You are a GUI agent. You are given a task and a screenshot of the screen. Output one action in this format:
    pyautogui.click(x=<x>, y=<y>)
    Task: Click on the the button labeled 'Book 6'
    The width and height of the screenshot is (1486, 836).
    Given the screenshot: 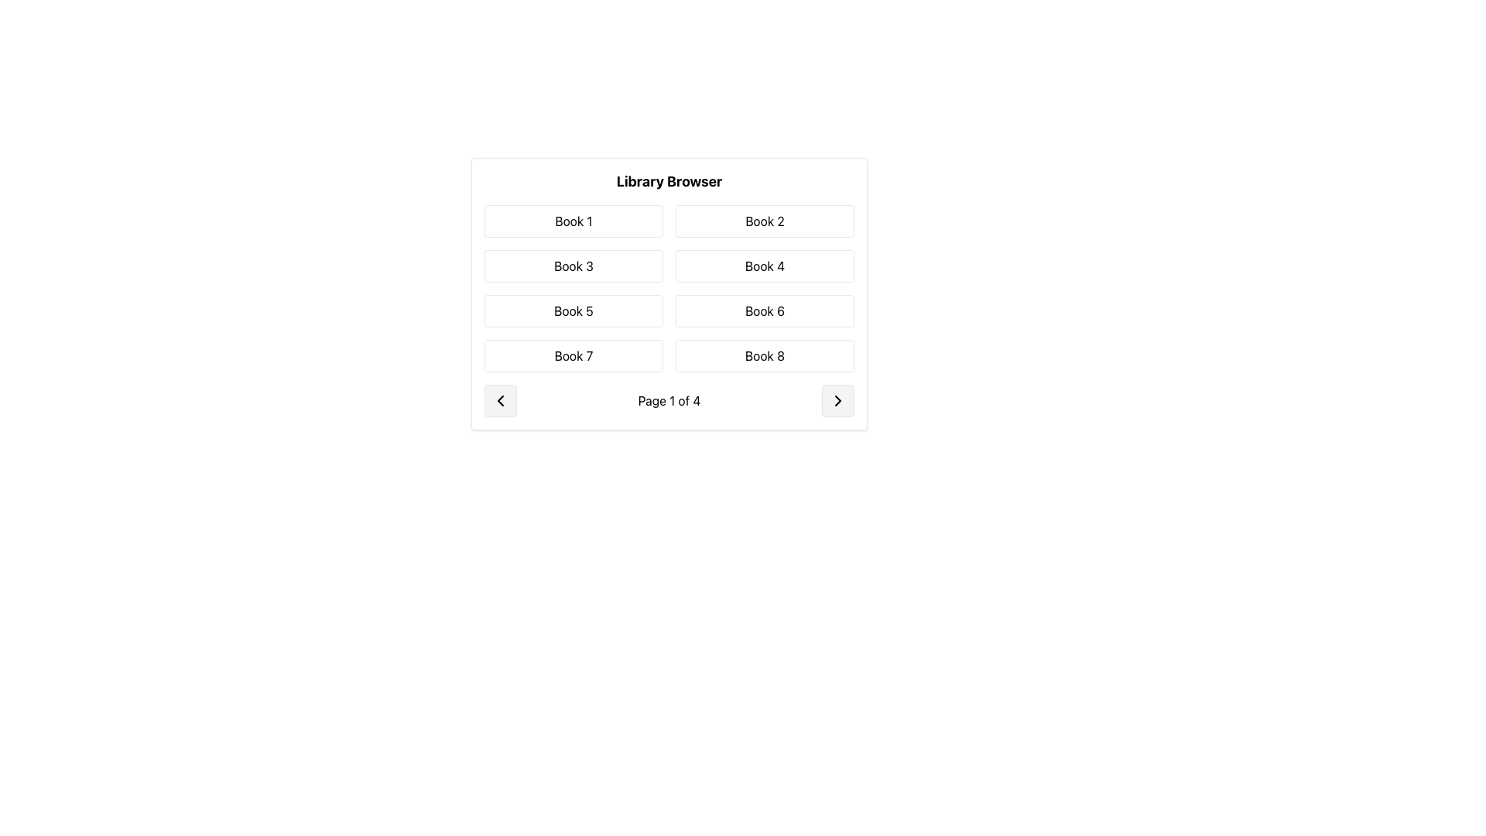 What is the action you would take?
    pyautogui.click(x=765, y=310)
    